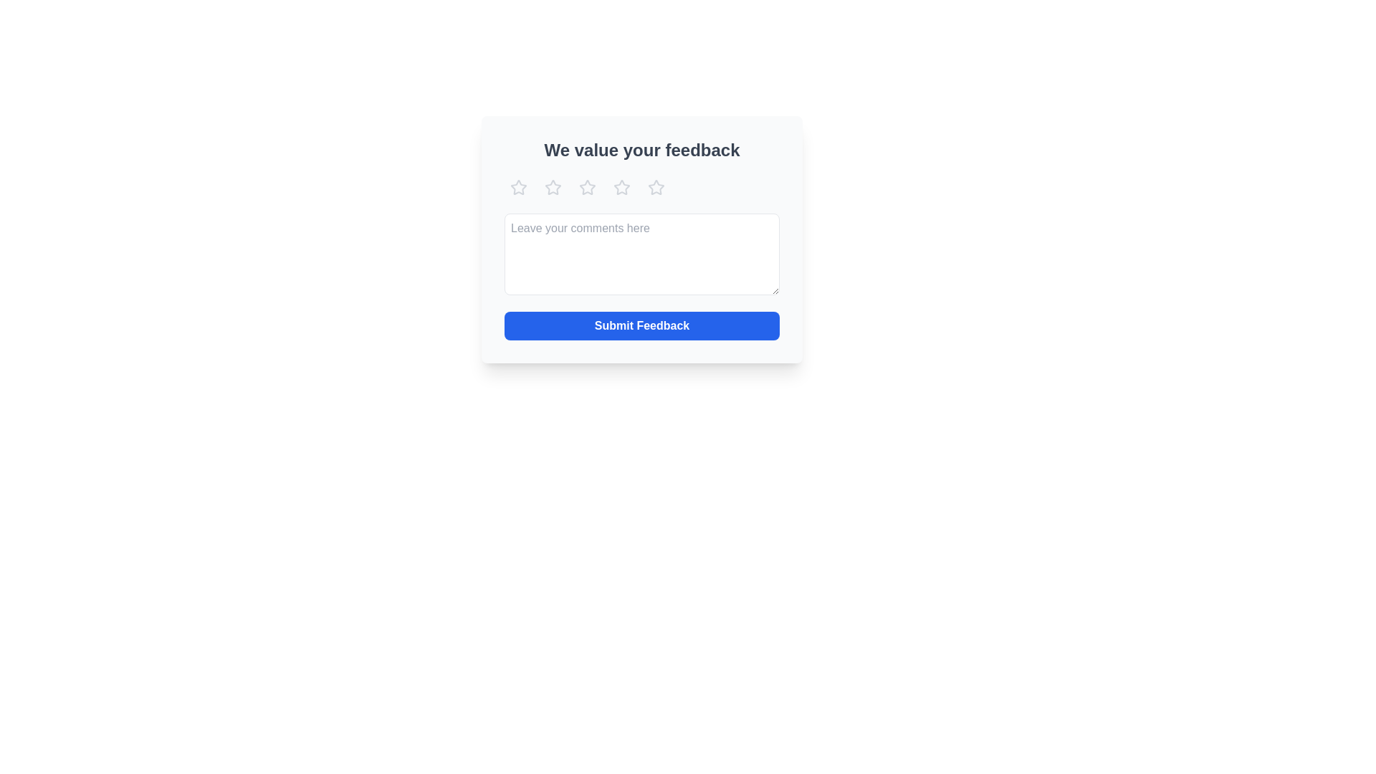 The height and width of the screenshot is (774, 1376). Describe the element at coordinates (518, 187) in the screenshot. I see `the first star icon in the horizontal row of five rating stars to provide a selection preview` at that location.